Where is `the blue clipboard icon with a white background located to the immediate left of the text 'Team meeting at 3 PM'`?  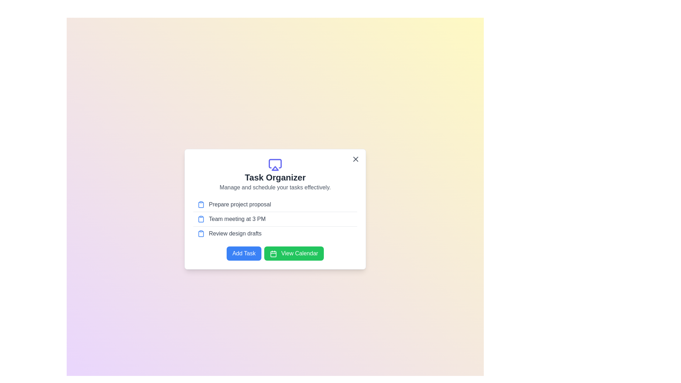
the blue clipboard icon with a white background located to the immediate left of the text 'Team meeting at 3 PM' is located at coordinates (200, 218).